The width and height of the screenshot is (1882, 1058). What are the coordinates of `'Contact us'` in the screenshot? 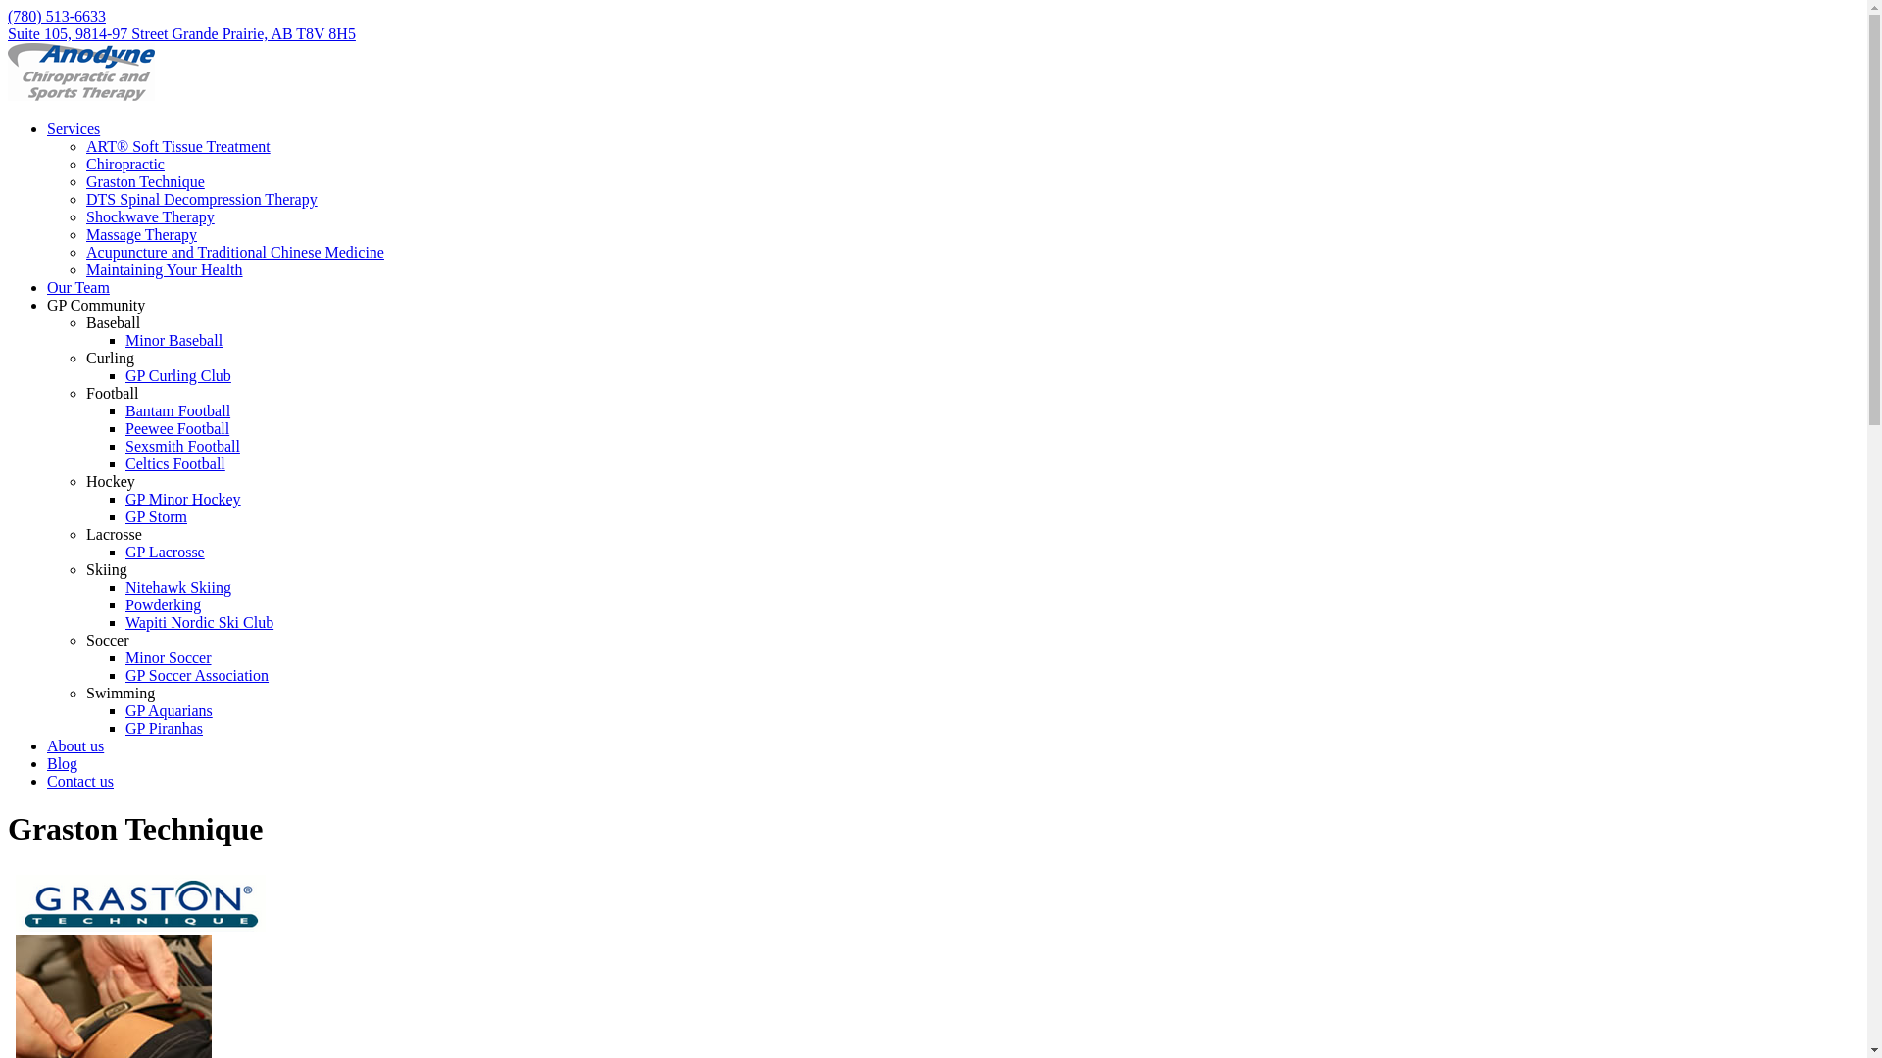 It's located at (78, 780).